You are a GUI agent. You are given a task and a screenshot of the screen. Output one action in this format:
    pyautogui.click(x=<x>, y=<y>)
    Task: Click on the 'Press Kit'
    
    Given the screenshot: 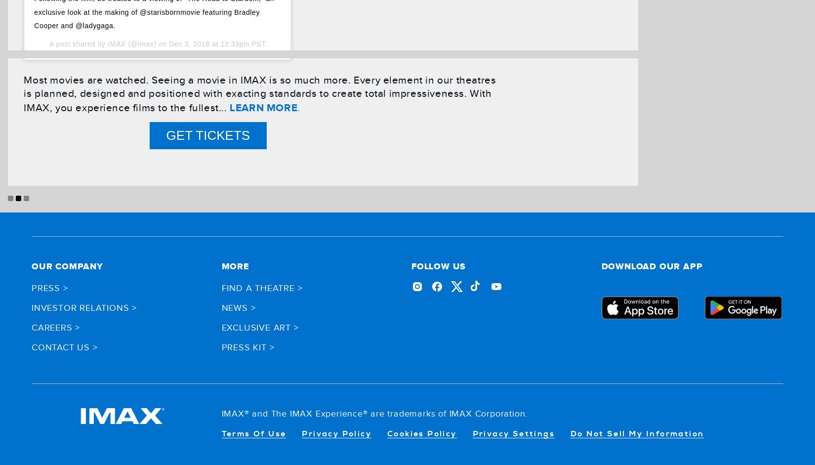 What is the action you would take?
    pyautogui.click(x=243, y=347)
    